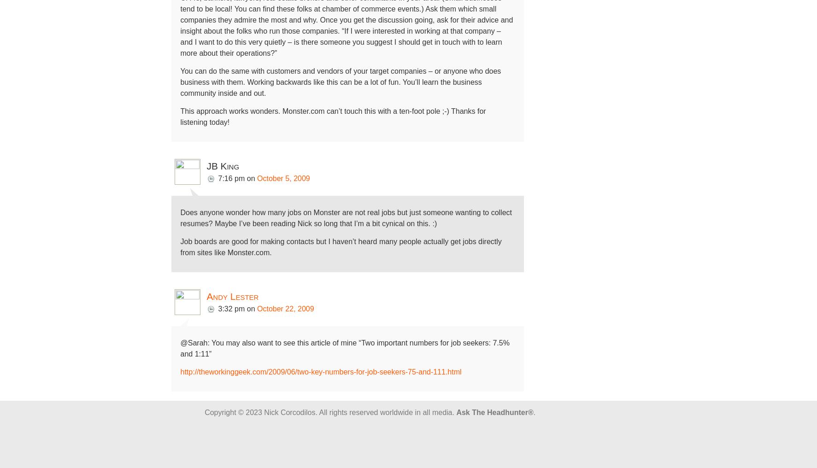 This screenshot has height=468, width=817. What do you see at coordinates (222, 166) in the screenshot?
I see `'JB King'` at bounding box center [222, 166].